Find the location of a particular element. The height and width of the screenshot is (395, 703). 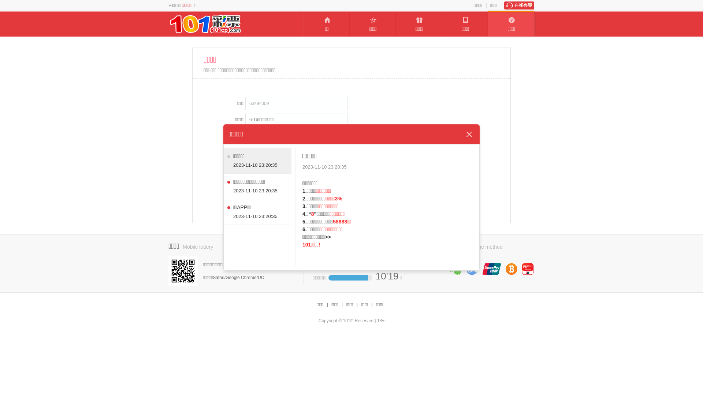

'|' is located at coordinates (341, 305).